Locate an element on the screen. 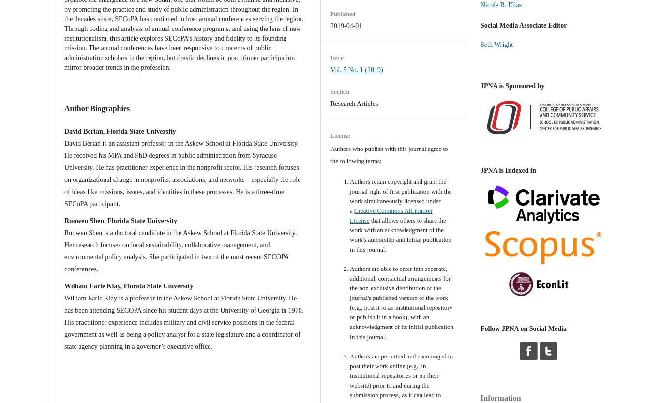 Image resolution: width=661 pixels, height=403 pixels. 'Authors are able to enter into separate, additional, contractual arrangements for the non-exclusive distribution of the journal's published version of the work (e.g., post it to an institutional repository or publish it in a book), with an acknowledgment of its initial publication in this journal.' is located at coordinates (401, 302).